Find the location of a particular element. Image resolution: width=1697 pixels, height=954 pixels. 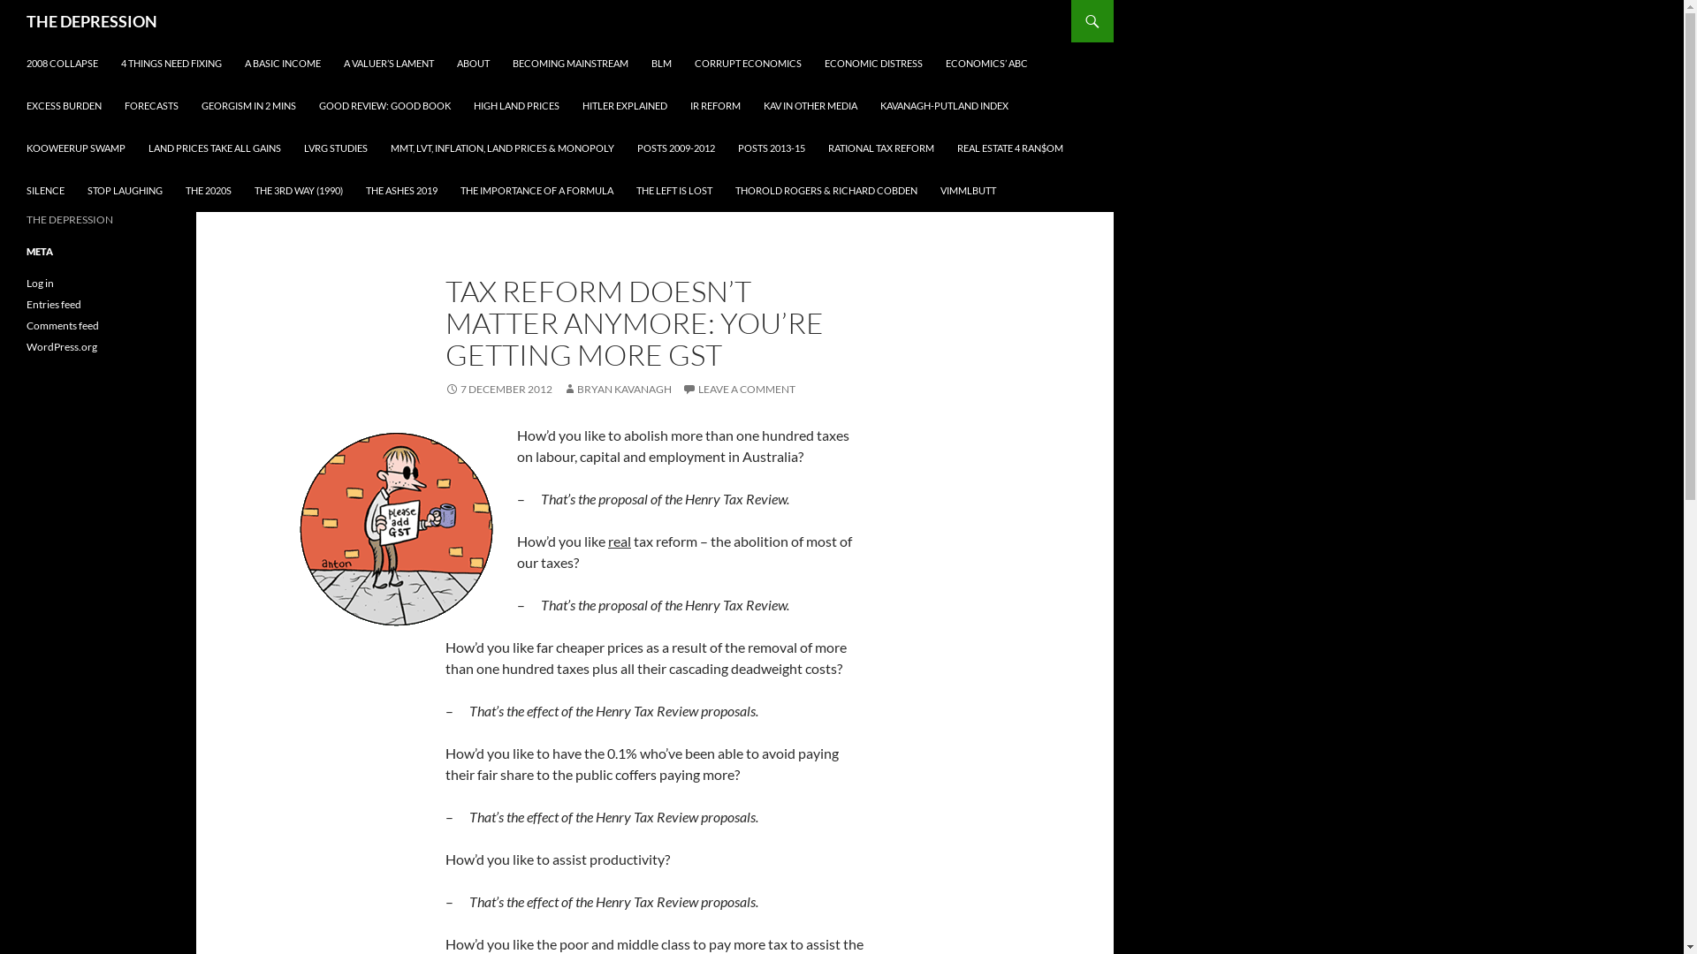

'WordPress.org' is located at coordinates (62, 346).